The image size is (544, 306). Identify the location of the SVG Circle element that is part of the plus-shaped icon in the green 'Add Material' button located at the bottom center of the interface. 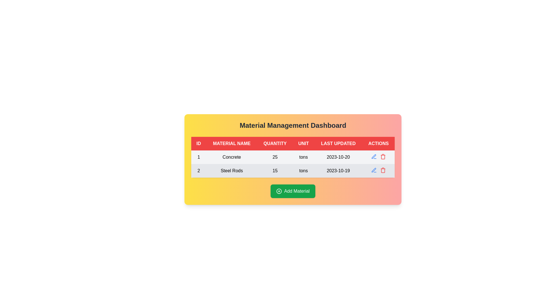
(279, 191).